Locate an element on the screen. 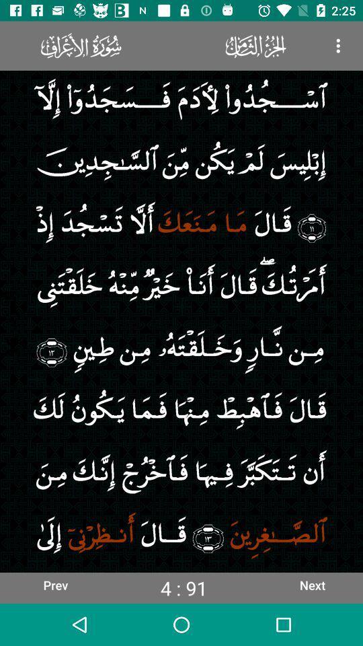  next item is located at coordinates (312, 584).